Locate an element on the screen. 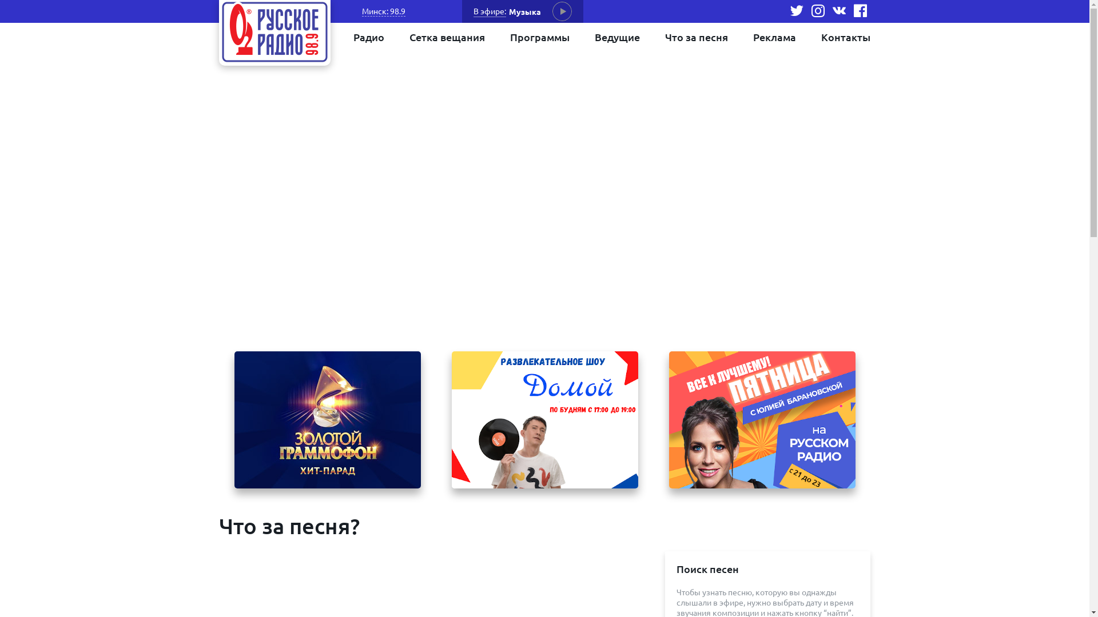 The width and height of the screenshot is (1098, 617). 'vk' is located at coordinates (839, 11).